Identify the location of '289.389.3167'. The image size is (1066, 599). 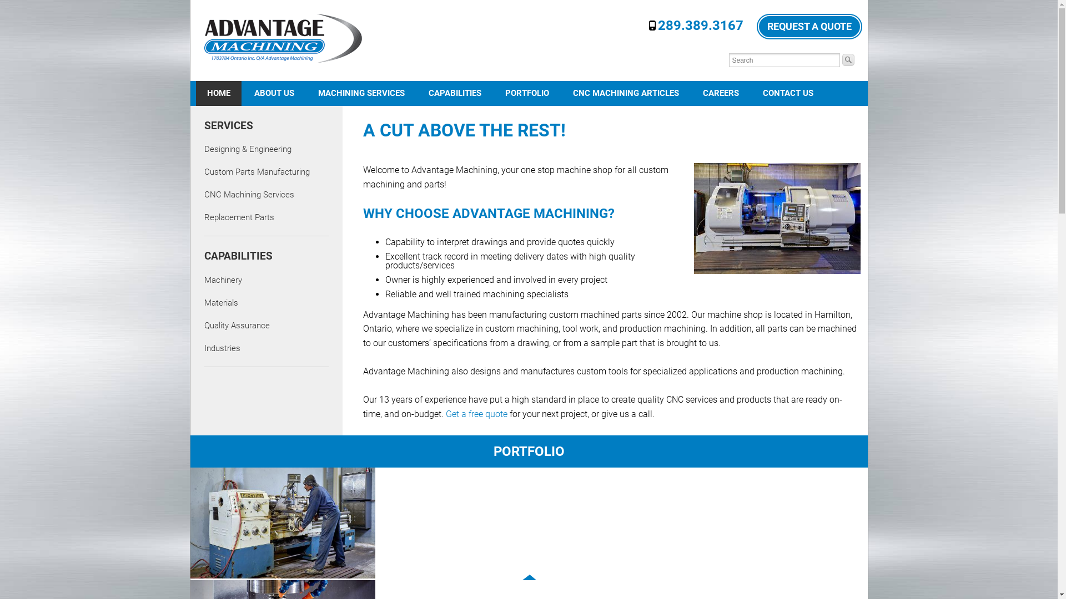
(657, 25).